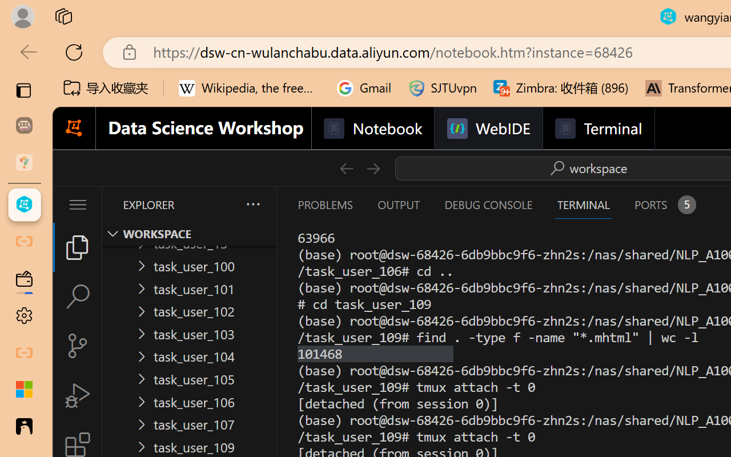  I want to click on 'Class: menubar compact overflow-menu-only', so click(77, 205).